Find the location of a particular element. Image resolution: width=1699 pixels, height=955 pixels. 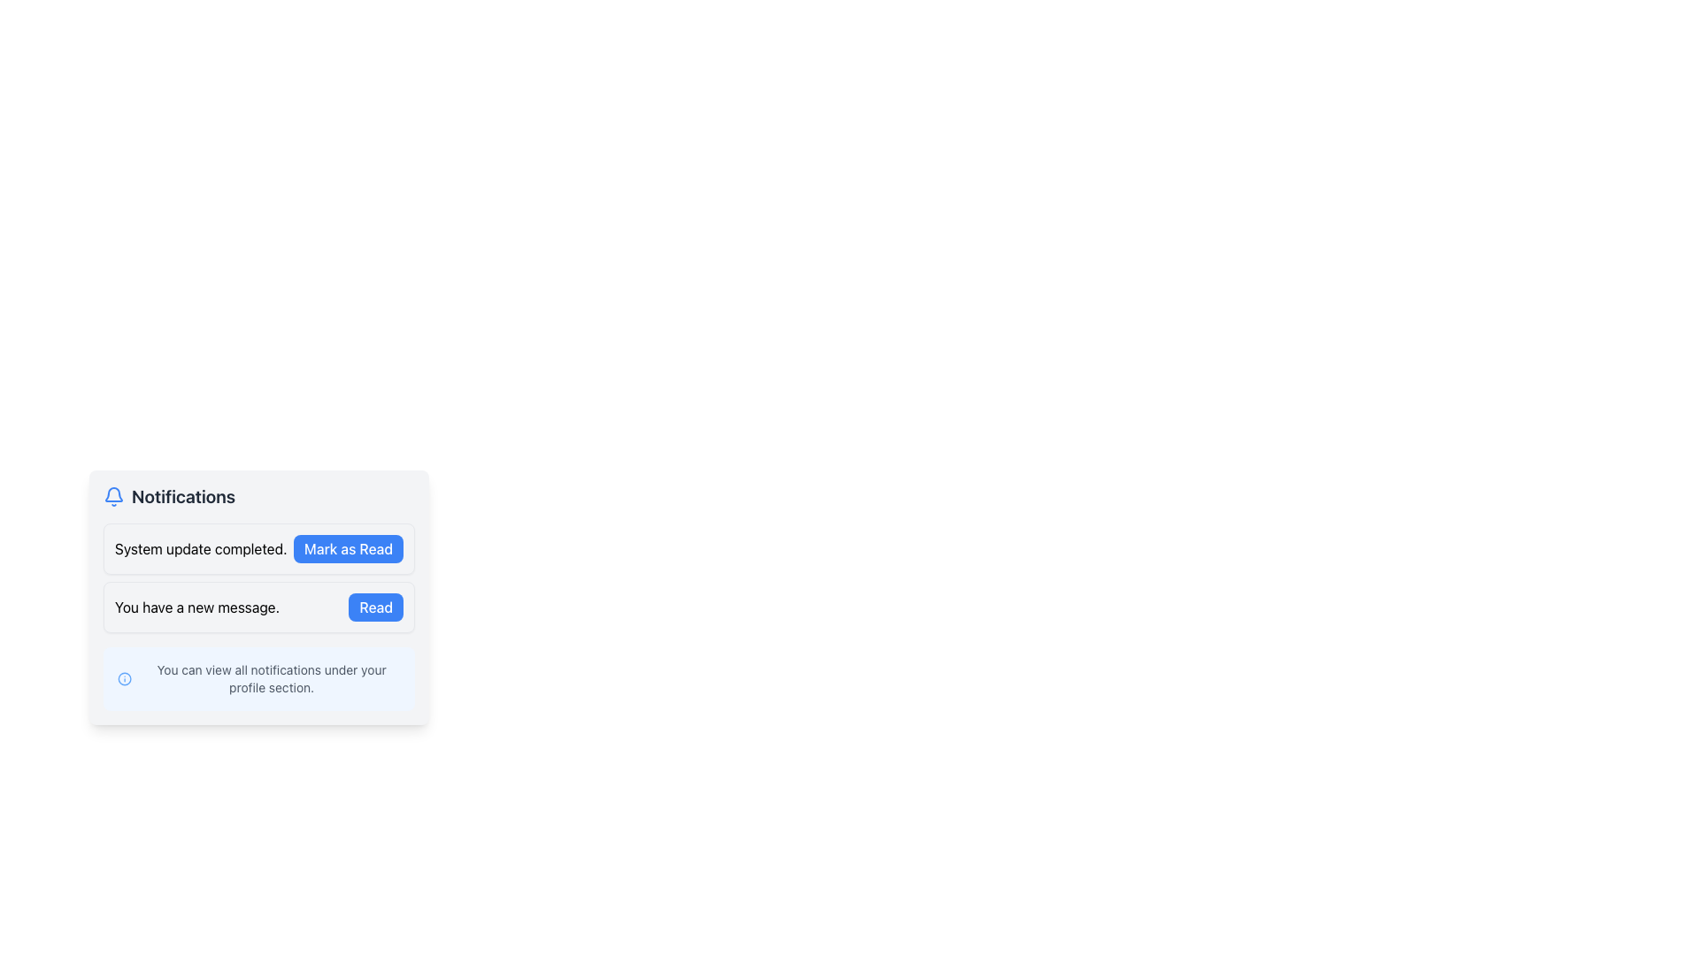

the 'Notifications' text label element, which is styled in bold and large font, located to the right of a bell icon at the top-left corner of the notification panel is located at coordinates (183, 497).